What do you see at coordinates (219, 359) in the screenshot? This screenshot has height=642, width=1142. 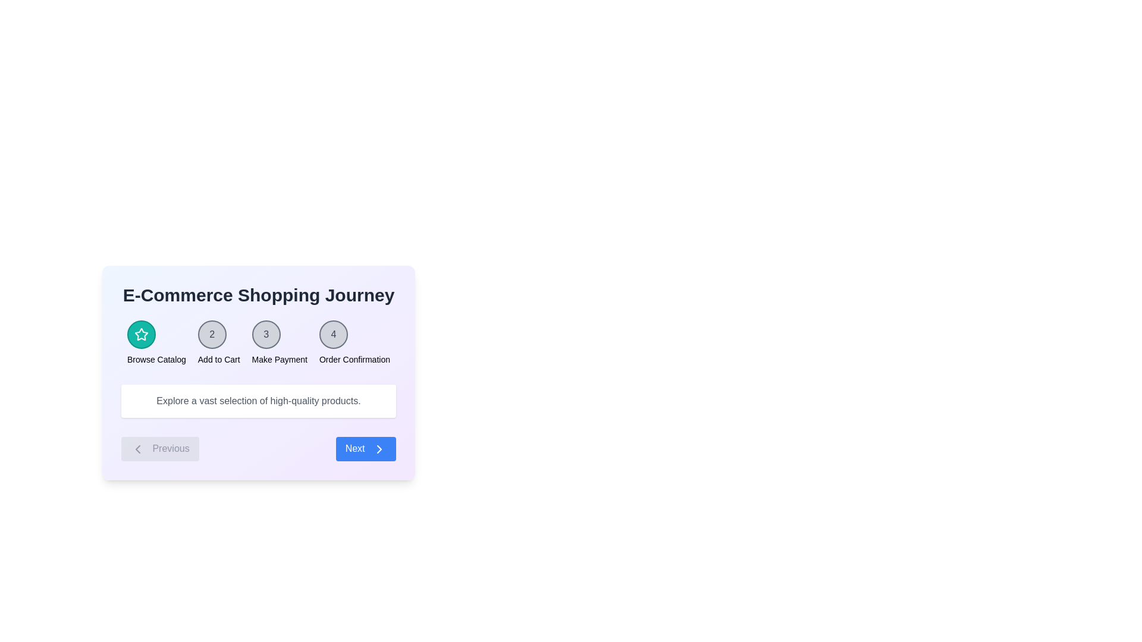 I see `the 'Add to Cart' text label, which is part of the second step in the E-Commerce Shopping Journey interface, located beneath the circle marked with the number '2'` at bounding box center [219, 359].